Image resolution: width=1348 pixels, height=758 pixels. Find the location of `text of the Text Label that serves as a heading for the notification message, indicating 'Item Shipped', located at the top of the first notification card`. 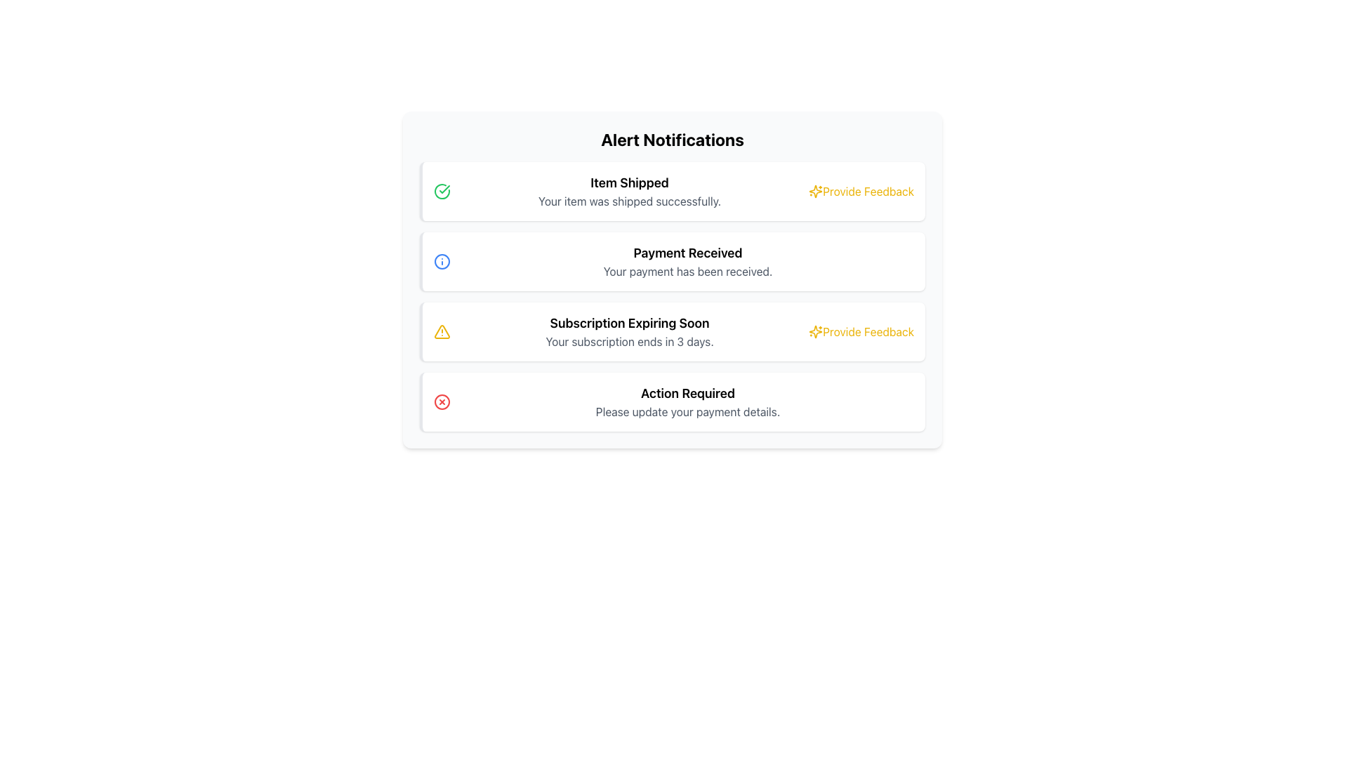

text of the Text Label that serves as a heading for the notification message, indicating 'Item Shipped', located at the top of the first notification card is located at coordinates (629, 182).